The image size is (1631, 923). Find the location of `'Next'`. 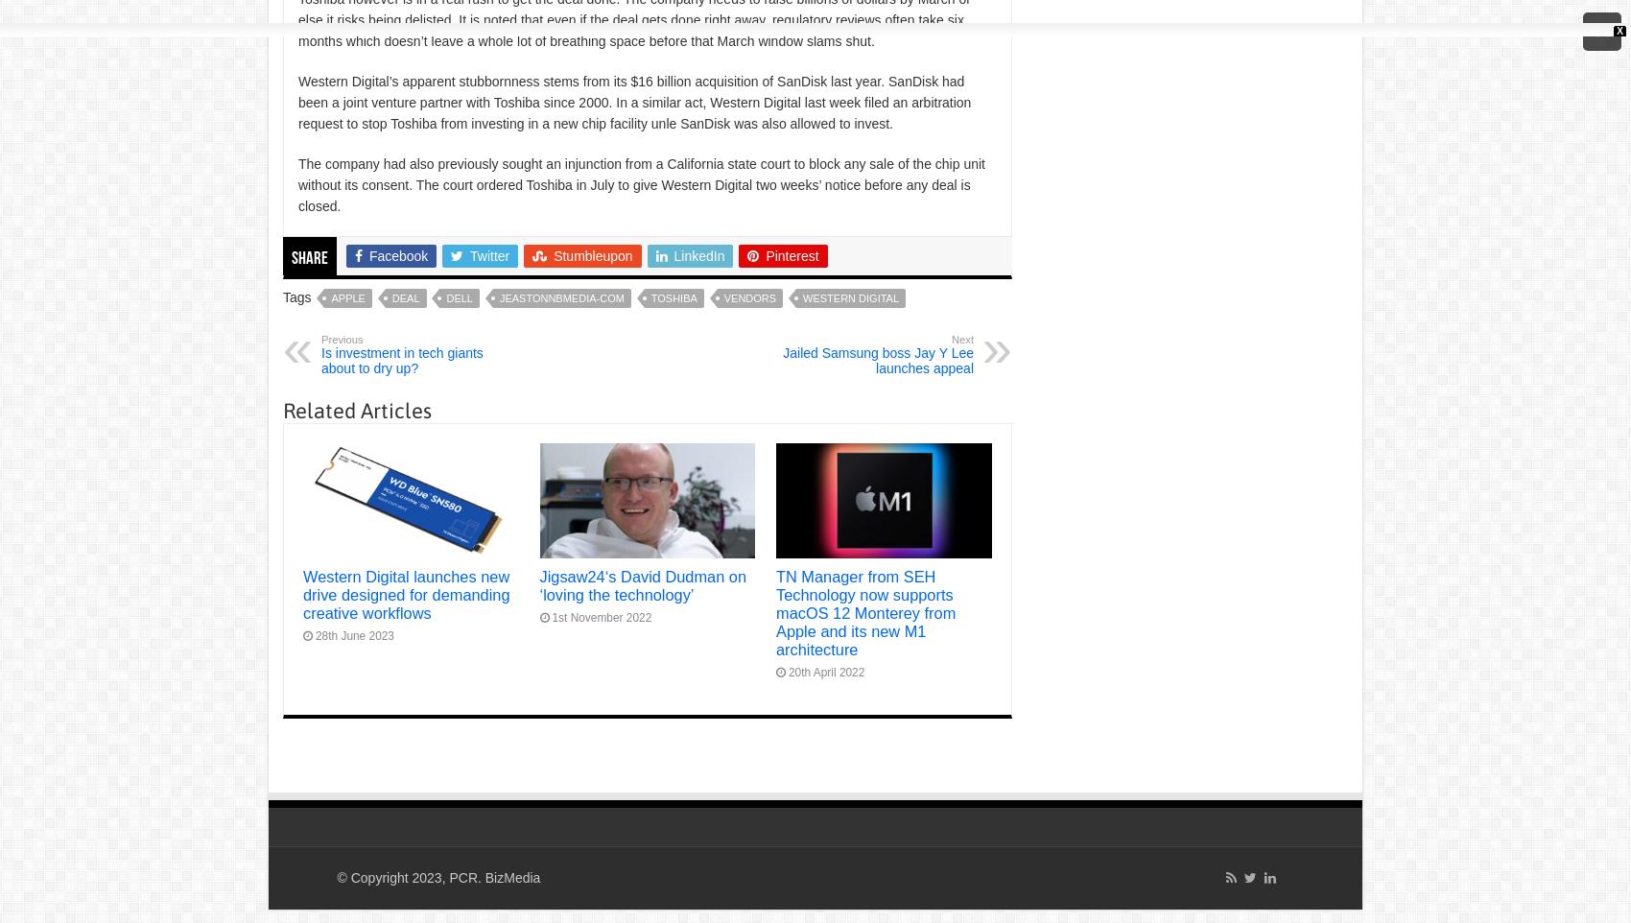

'Next' is located at coordinates (961, 340).